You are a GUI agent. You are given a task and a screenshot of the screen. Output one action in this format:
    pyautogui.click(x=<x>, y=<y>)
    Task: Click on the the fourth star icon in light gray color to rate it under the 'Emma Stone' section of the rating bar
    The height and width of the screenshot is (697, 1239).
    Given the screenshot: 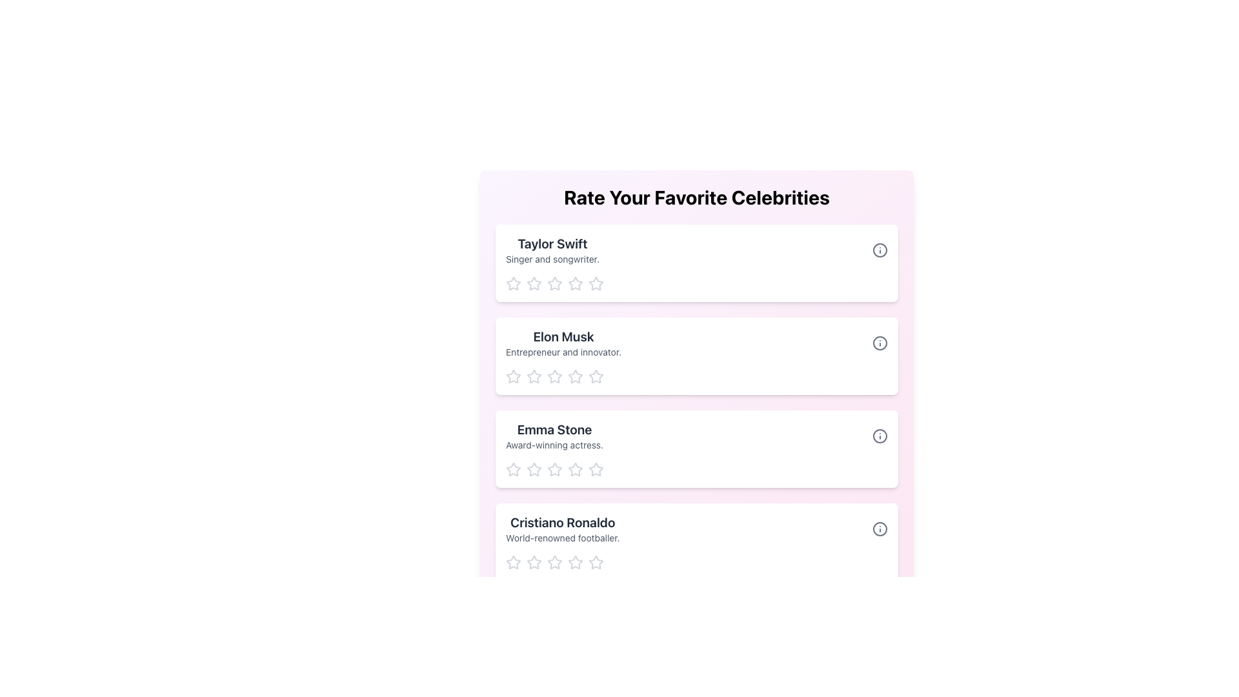 What is the action you would take?
    pyautogui.click(x=575, y=470)
    